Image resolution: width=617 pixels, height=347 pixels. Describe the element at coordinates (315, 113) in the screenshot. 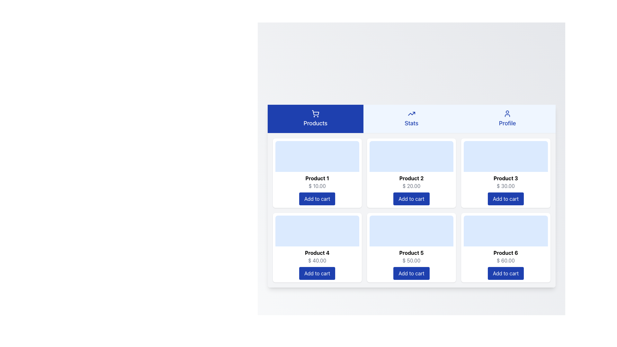

I see `the shopping cart icon located in the top navigation bar, specifically in the leftmost section labeled 'Products.'` at that location.